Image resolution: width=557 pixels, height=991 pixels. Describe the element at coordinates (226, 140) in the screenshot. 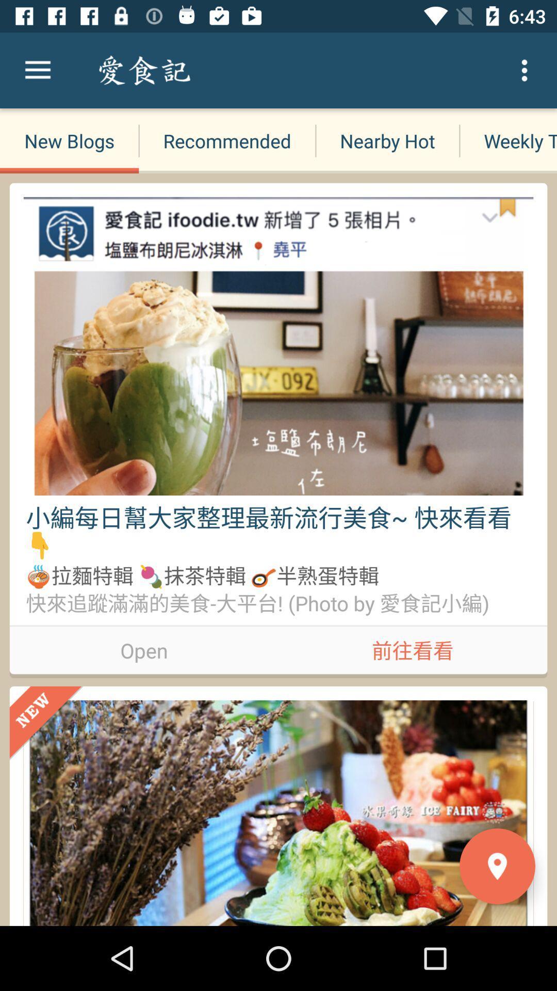

I see `icon to the left of the nearby hot item` at that location.